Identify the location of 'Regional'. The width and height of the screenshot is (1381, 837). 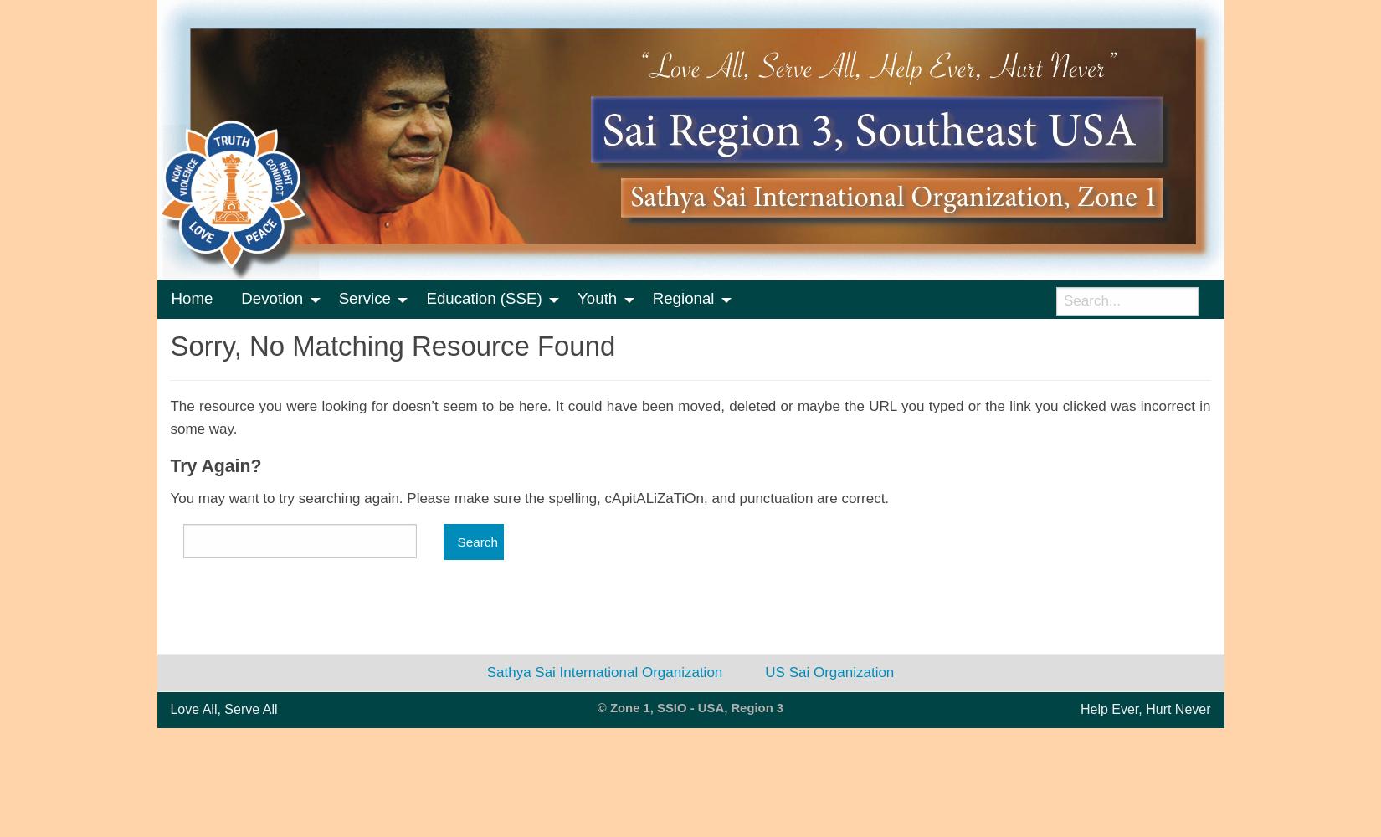
(681, 297).